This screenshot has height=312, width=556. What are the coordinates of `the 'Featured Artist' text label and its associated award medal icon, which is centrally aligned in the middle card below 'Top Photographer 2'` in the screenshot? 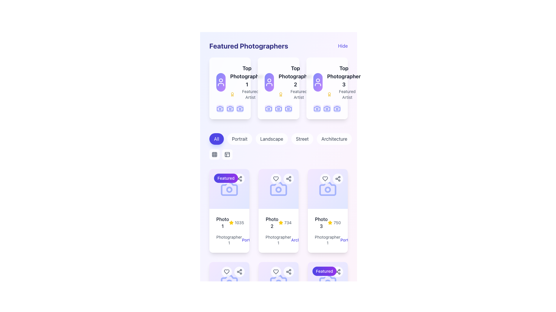 It's located at (295, 94).